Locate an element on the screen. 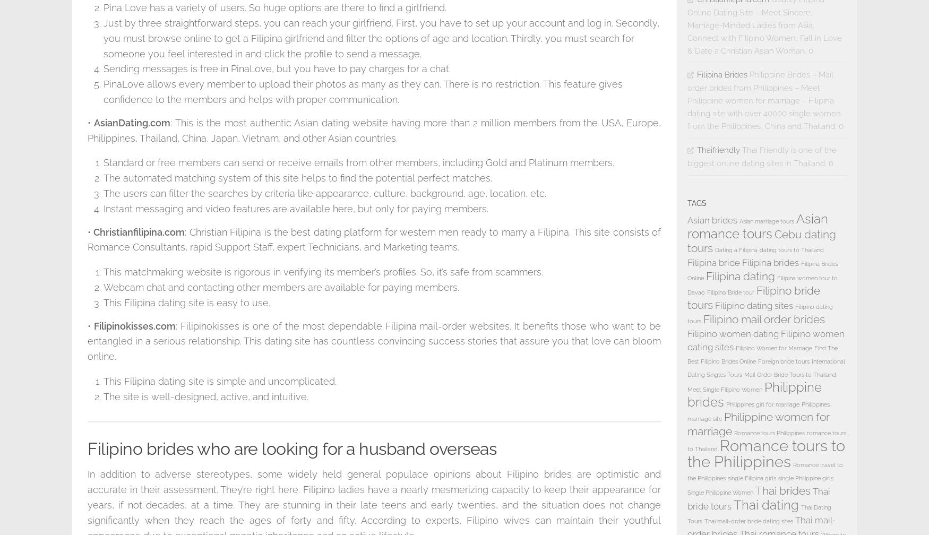  'Dating a Filipina' is located at coordinates (736, 249).